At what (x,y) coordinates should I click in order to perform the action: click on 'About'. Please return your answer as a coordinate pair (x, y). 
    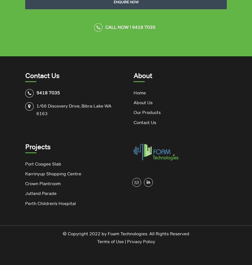
    Looking at the image, I should click on (143, 75).